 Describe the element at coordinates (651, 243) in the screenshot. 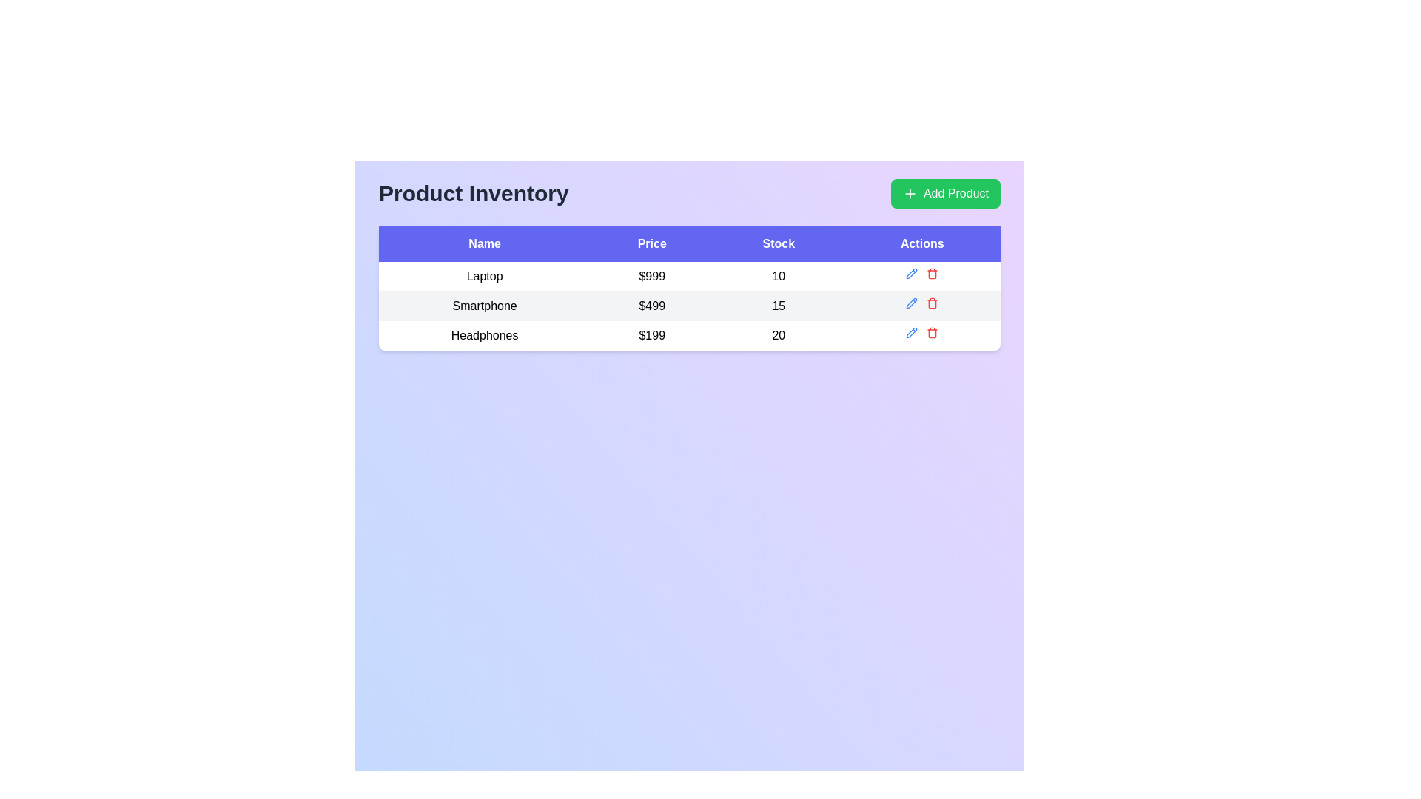

I see `text 'Price' from the Table Header Cell labeled 'Price', which is the second column header in a blue header bar` at that location.